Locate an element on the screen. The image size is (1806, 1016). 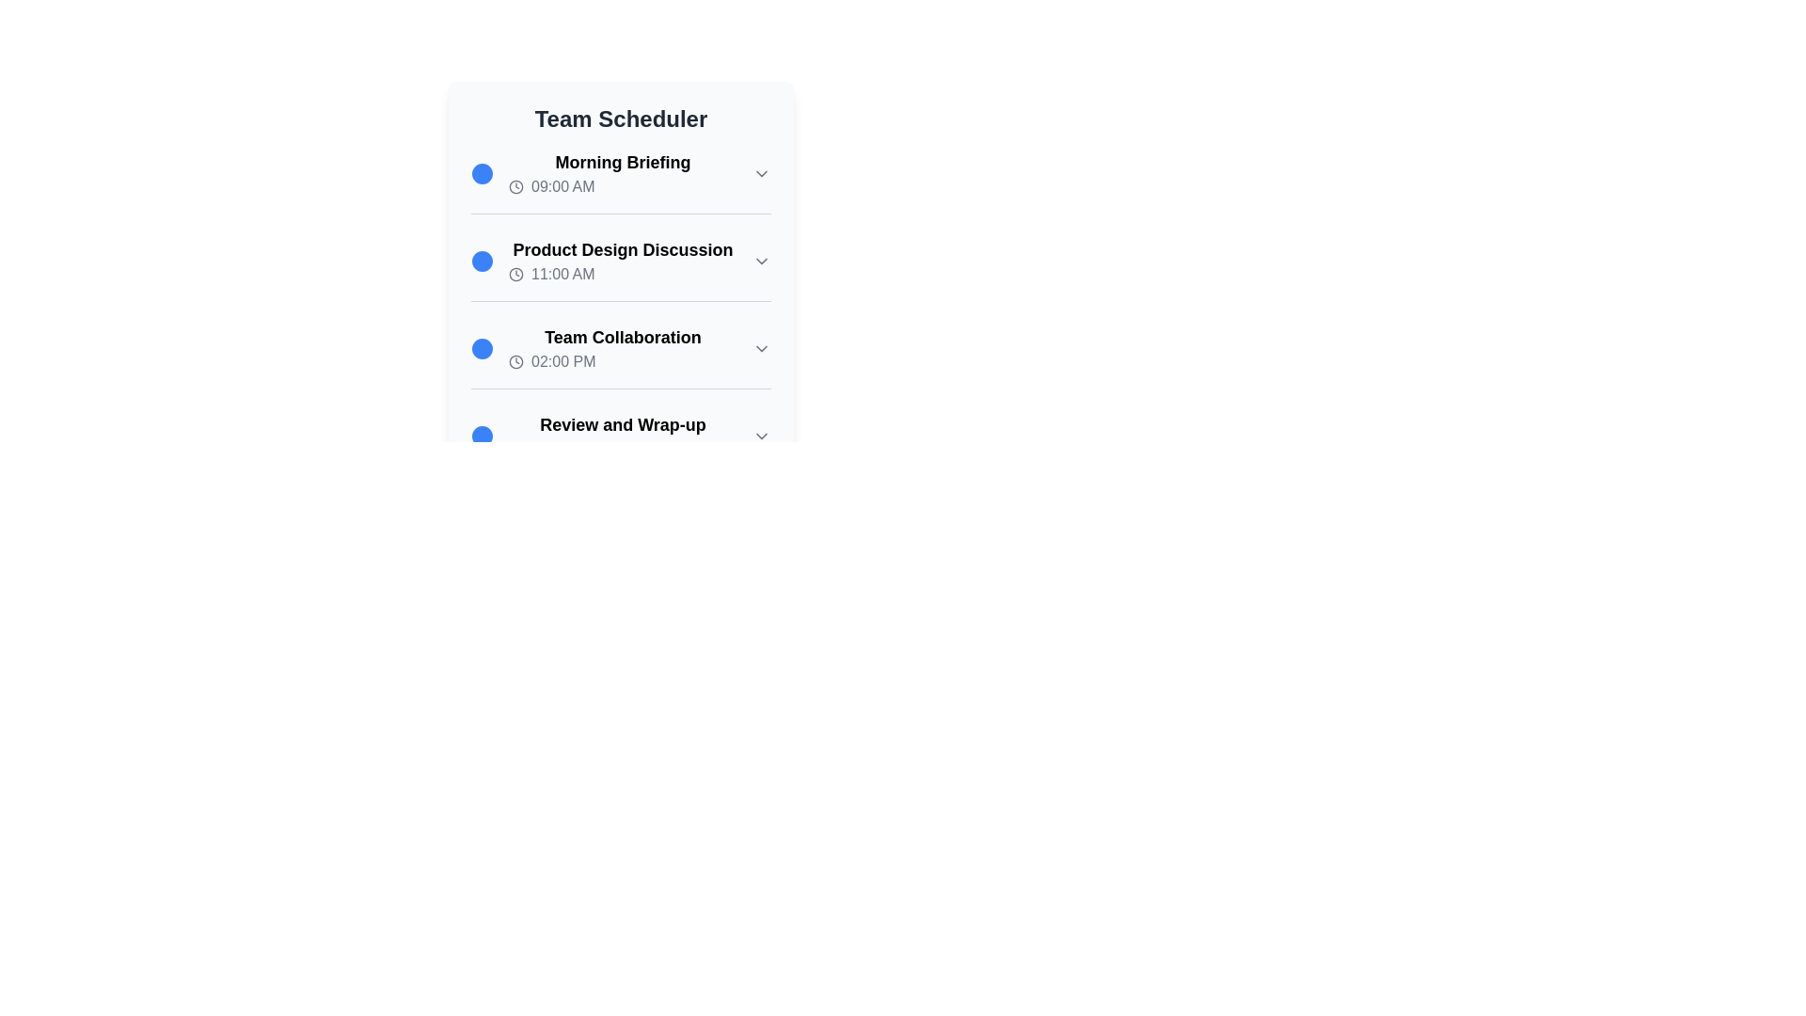
the blue circular icon located to the left of the event title 'Review and Wrap-up' is located at coordinates (483, 436).